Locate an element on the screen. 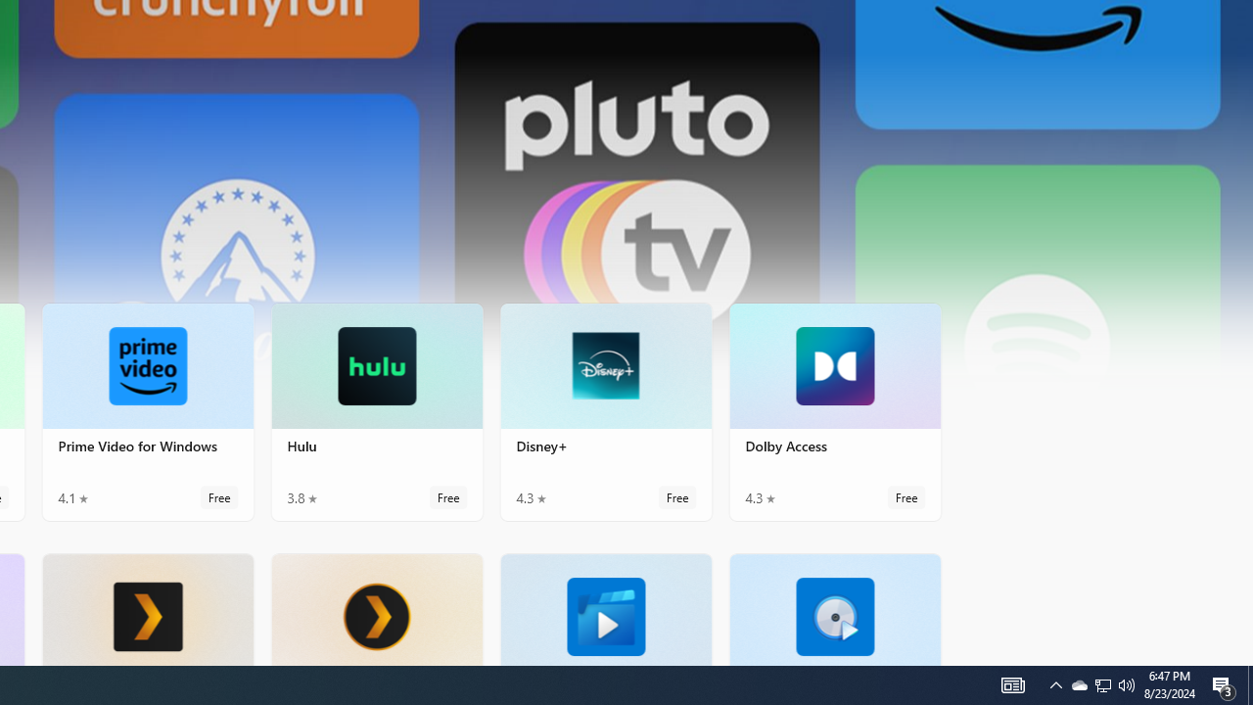 The height and width of the screenshot is (705, 1253). 'Disney+. Average rating of 4.3 out of five stars. Free  ' is located at coordinates (604, 410).